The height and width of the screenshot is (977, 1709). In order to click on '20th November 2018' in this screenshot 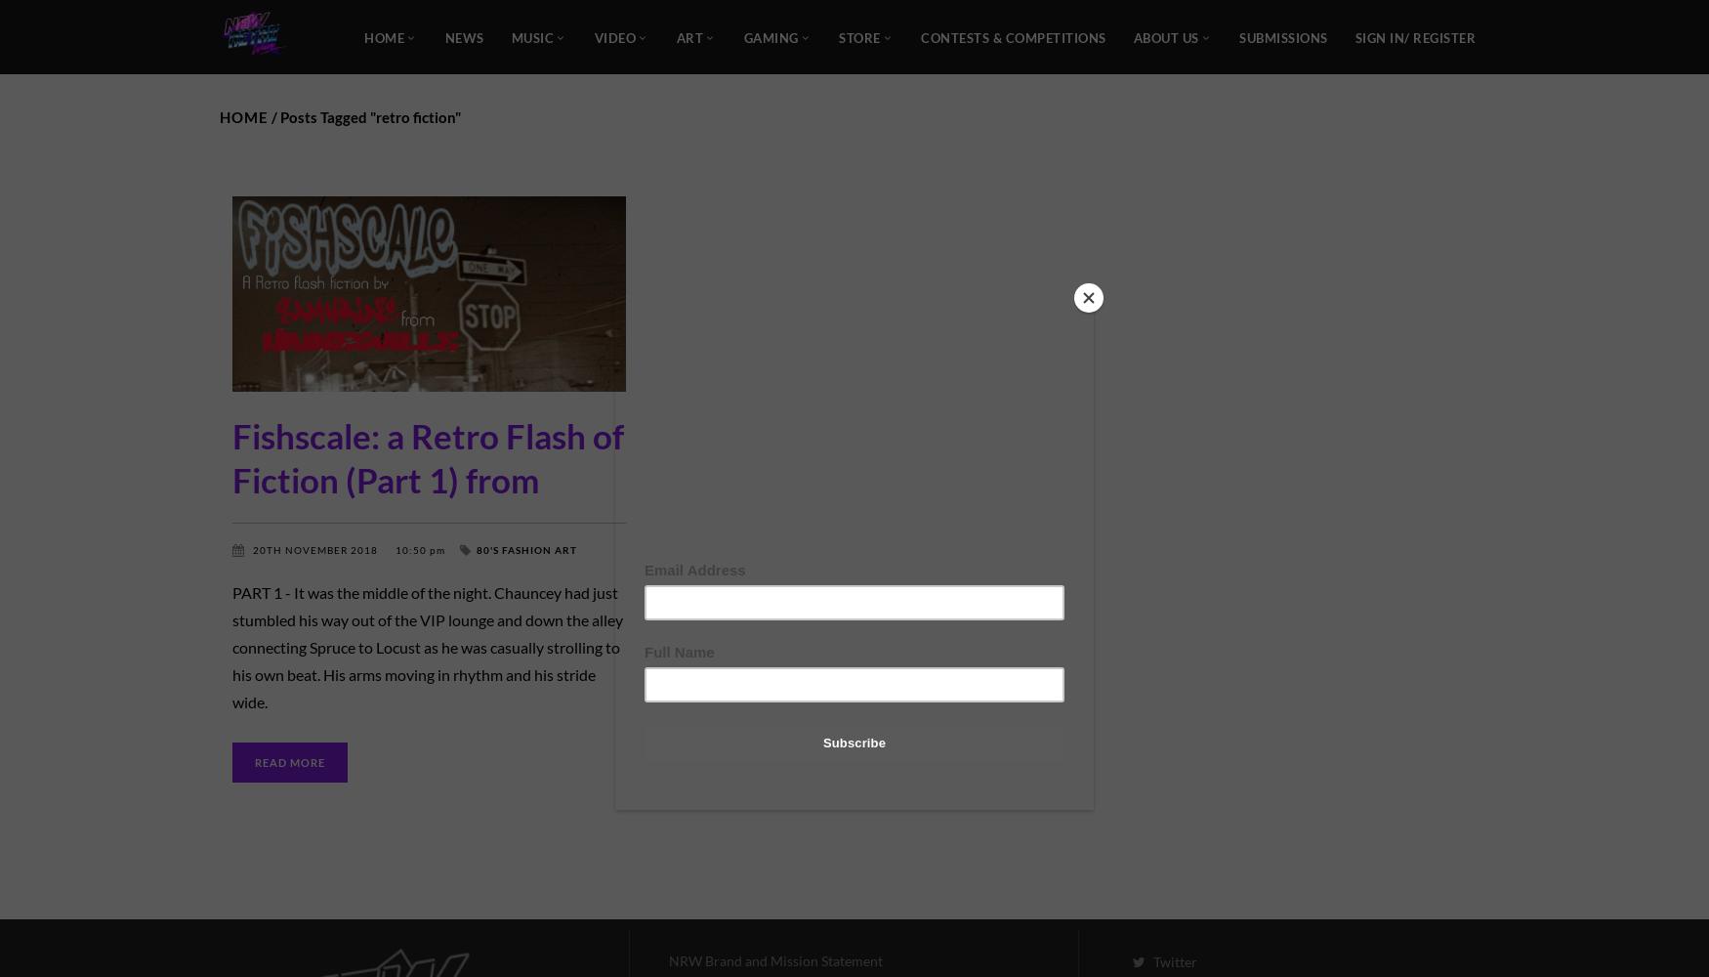, I will do `click(316, 549)`.